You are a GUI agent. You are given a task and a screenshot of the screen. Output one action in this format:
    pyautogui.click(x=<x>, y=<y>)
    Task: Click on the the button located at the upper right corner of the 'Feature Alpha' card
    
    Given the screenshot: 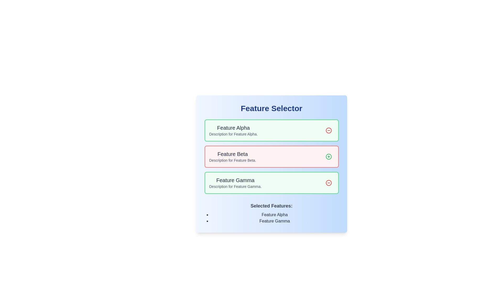 What is the action you would take?
    pyautogui.click(x=328, y=130)
    